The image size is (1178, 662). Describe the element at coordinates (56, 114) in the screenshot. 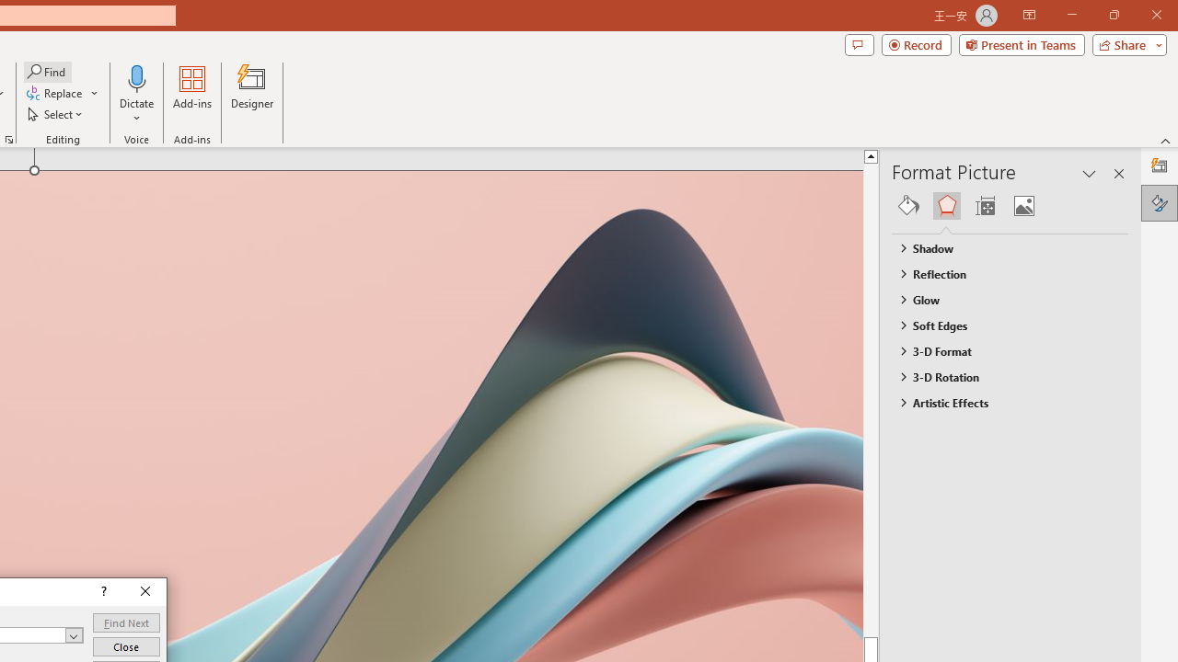

I see `'Select'` at that location.